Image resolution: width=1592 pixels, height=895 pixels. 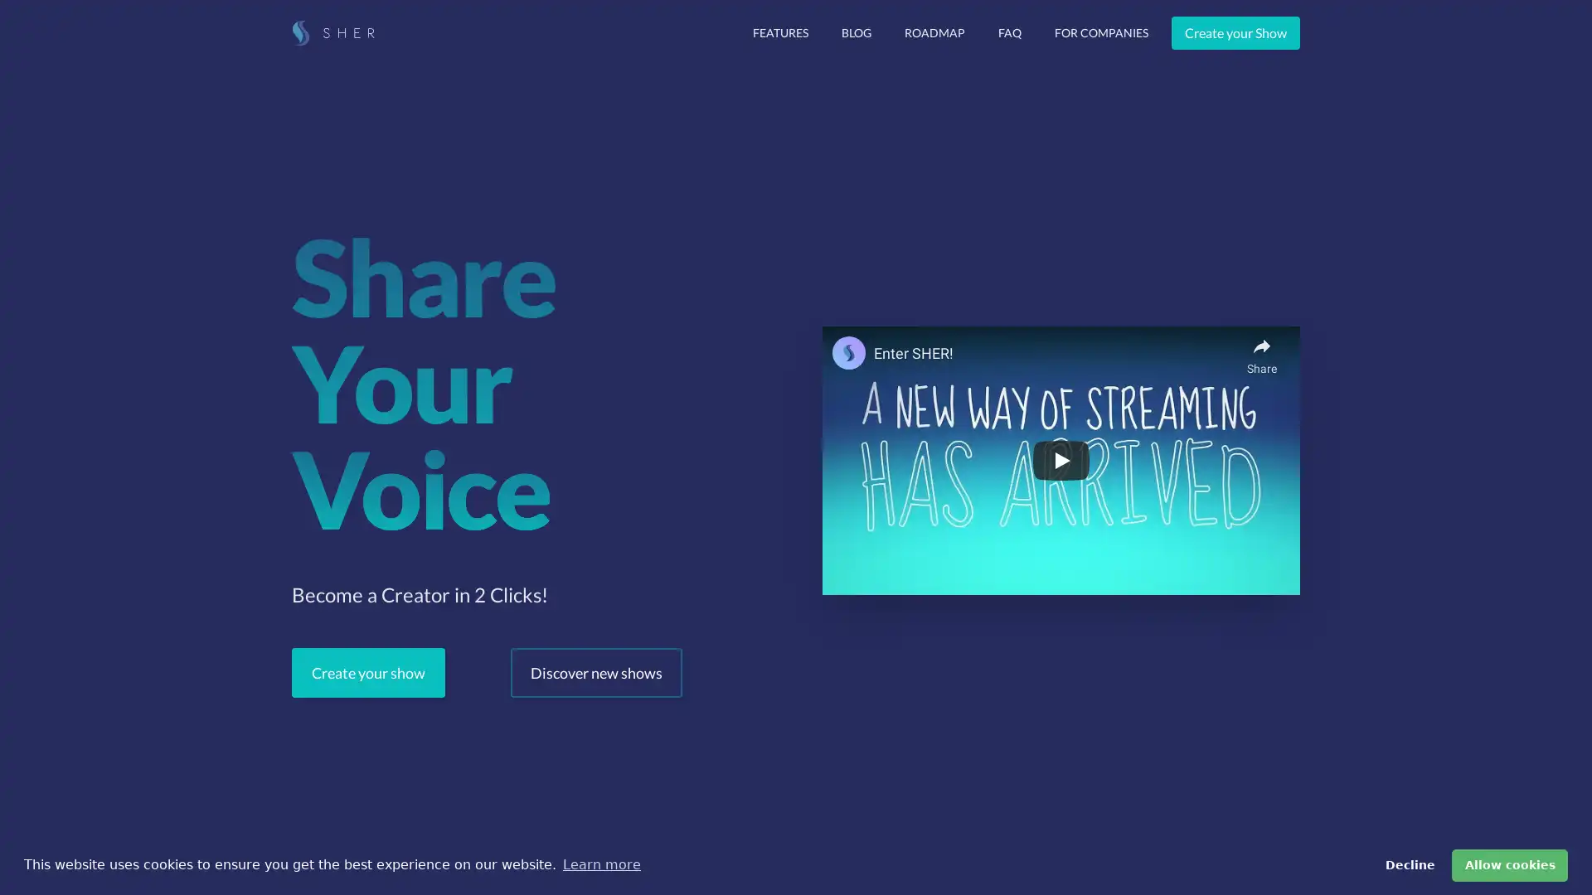 What do you see at coordinates (367, 673) in the screenshot?
I see `Create your show` at bounding box center [367, 673].